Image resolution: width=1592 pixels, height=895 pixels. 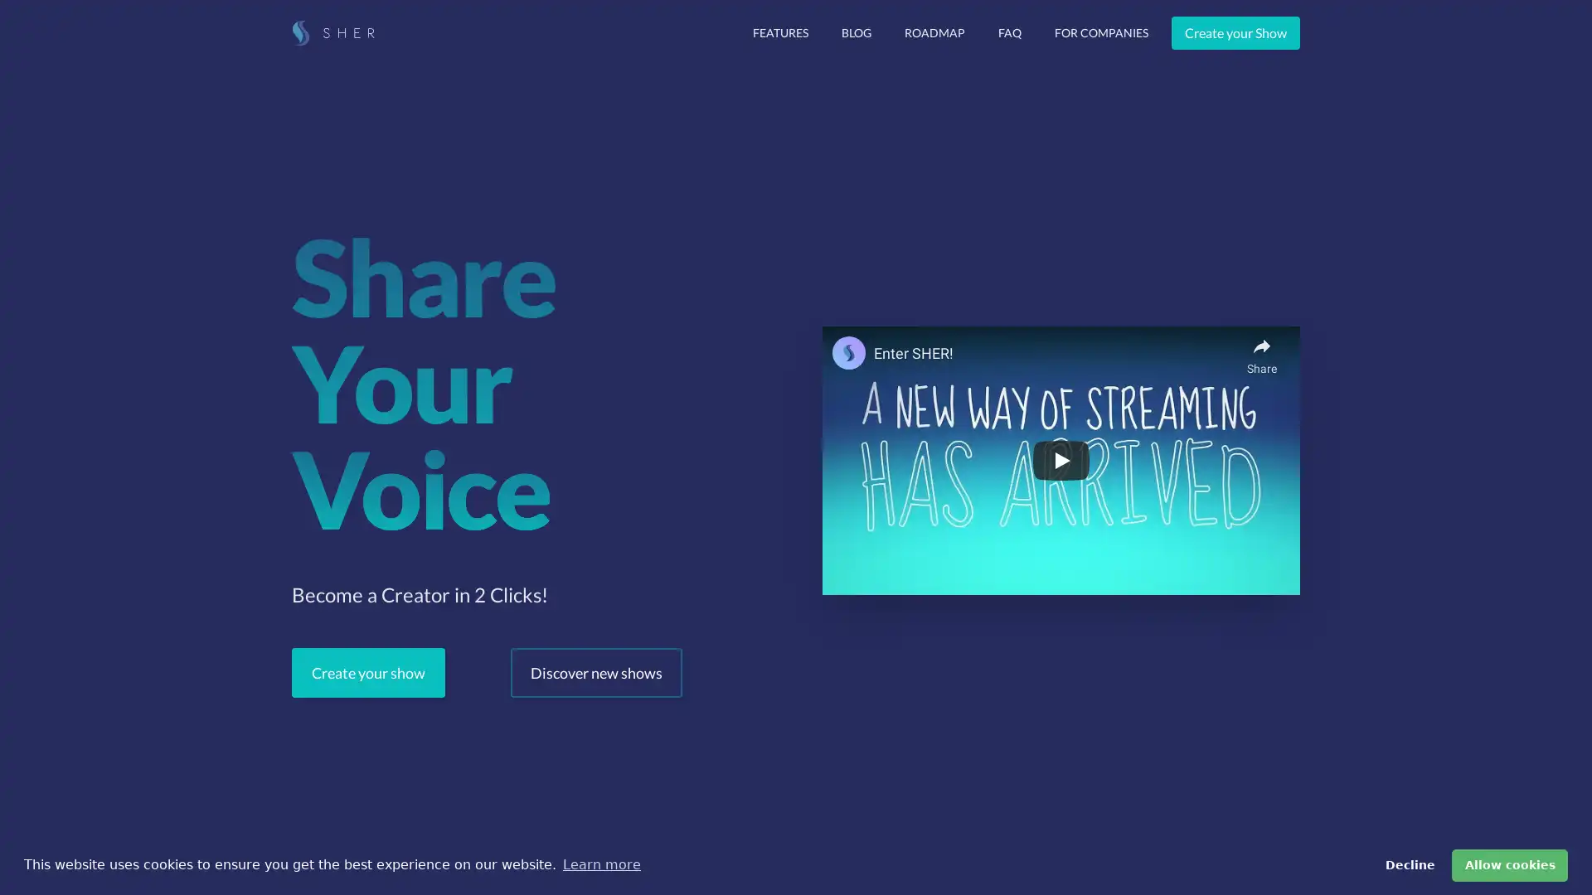 What do you see at coordinates (367, 673) in the screenshot?
I see `Create your show` at bounding box center [367, 673].